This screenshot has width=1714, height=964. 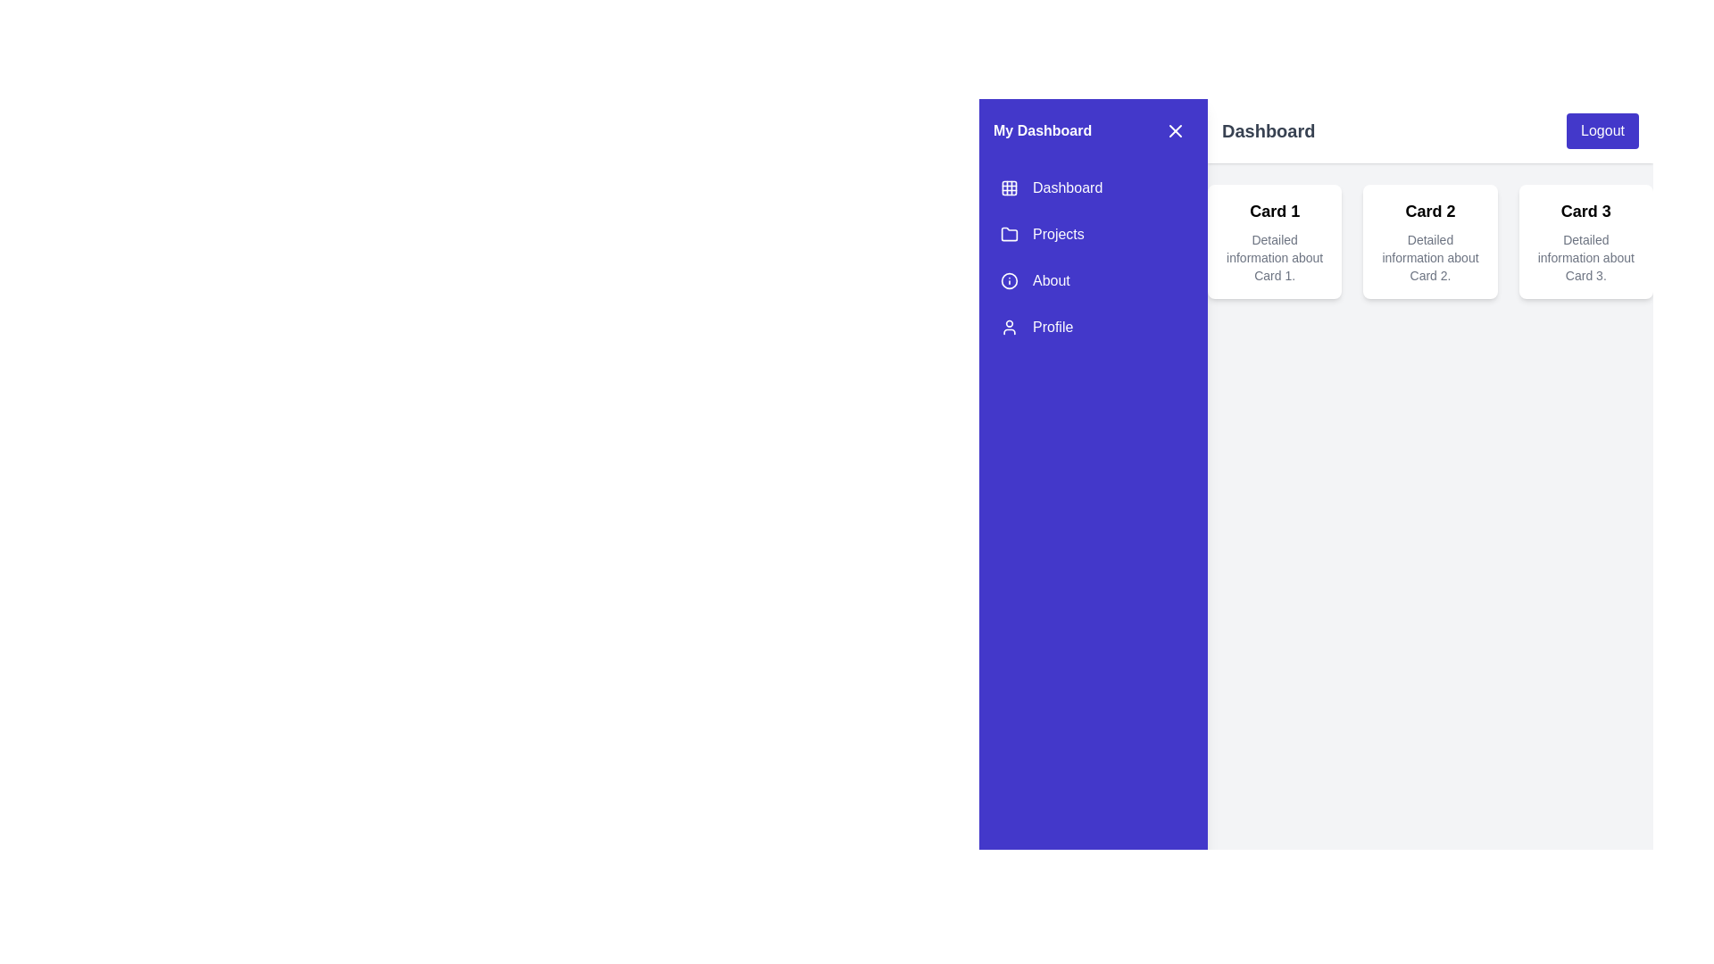 What do you see at coordinates (1268, 129) in the screenshot?
I see `the 'Dashboard' static text label, which is displayed in bold gray font within the white header bar at the top-right section of the interface` at bounding box center [1268, 129].